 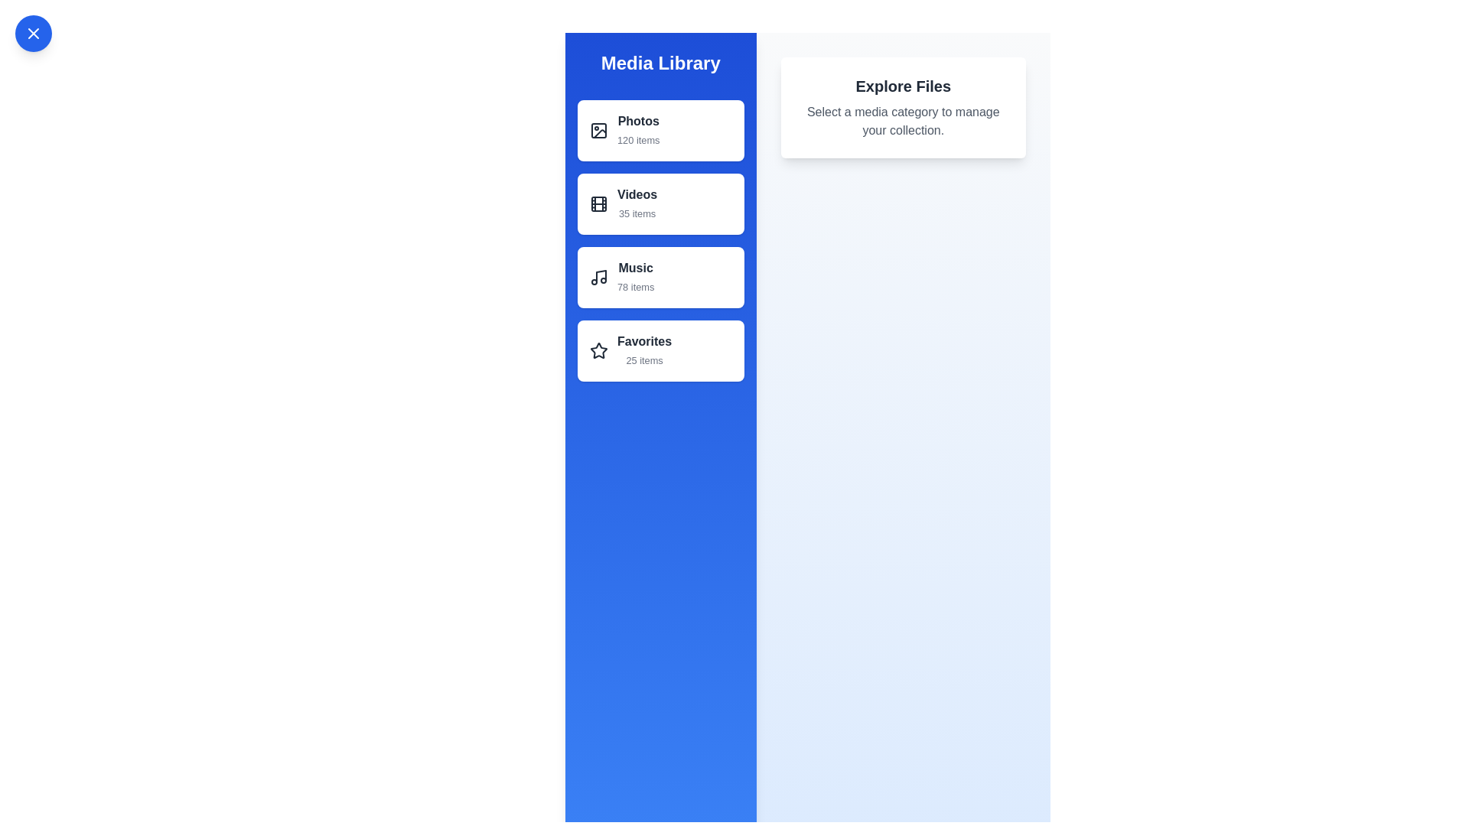 I want to click on button in the top-left corner to toggle the drawer, so click(x=33, y=33).